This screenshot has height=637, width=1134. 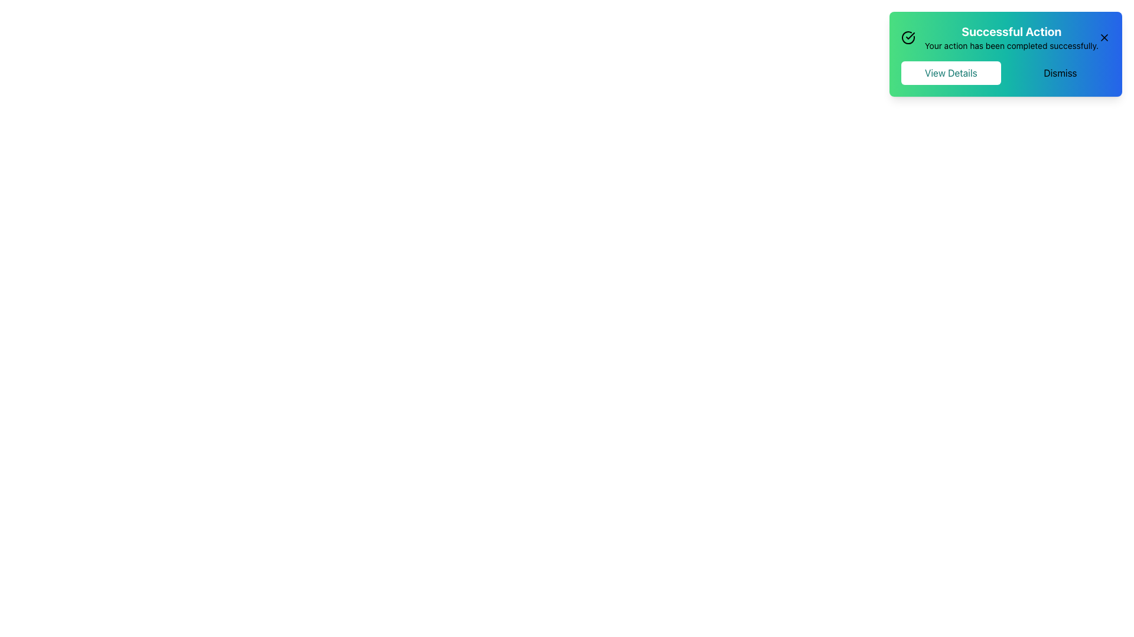 What do you see at coordinates (910, 35) in the screenshot?
I see `the checkmark icon located at the top right corner of the notification component` at bounding box center [910, 35].